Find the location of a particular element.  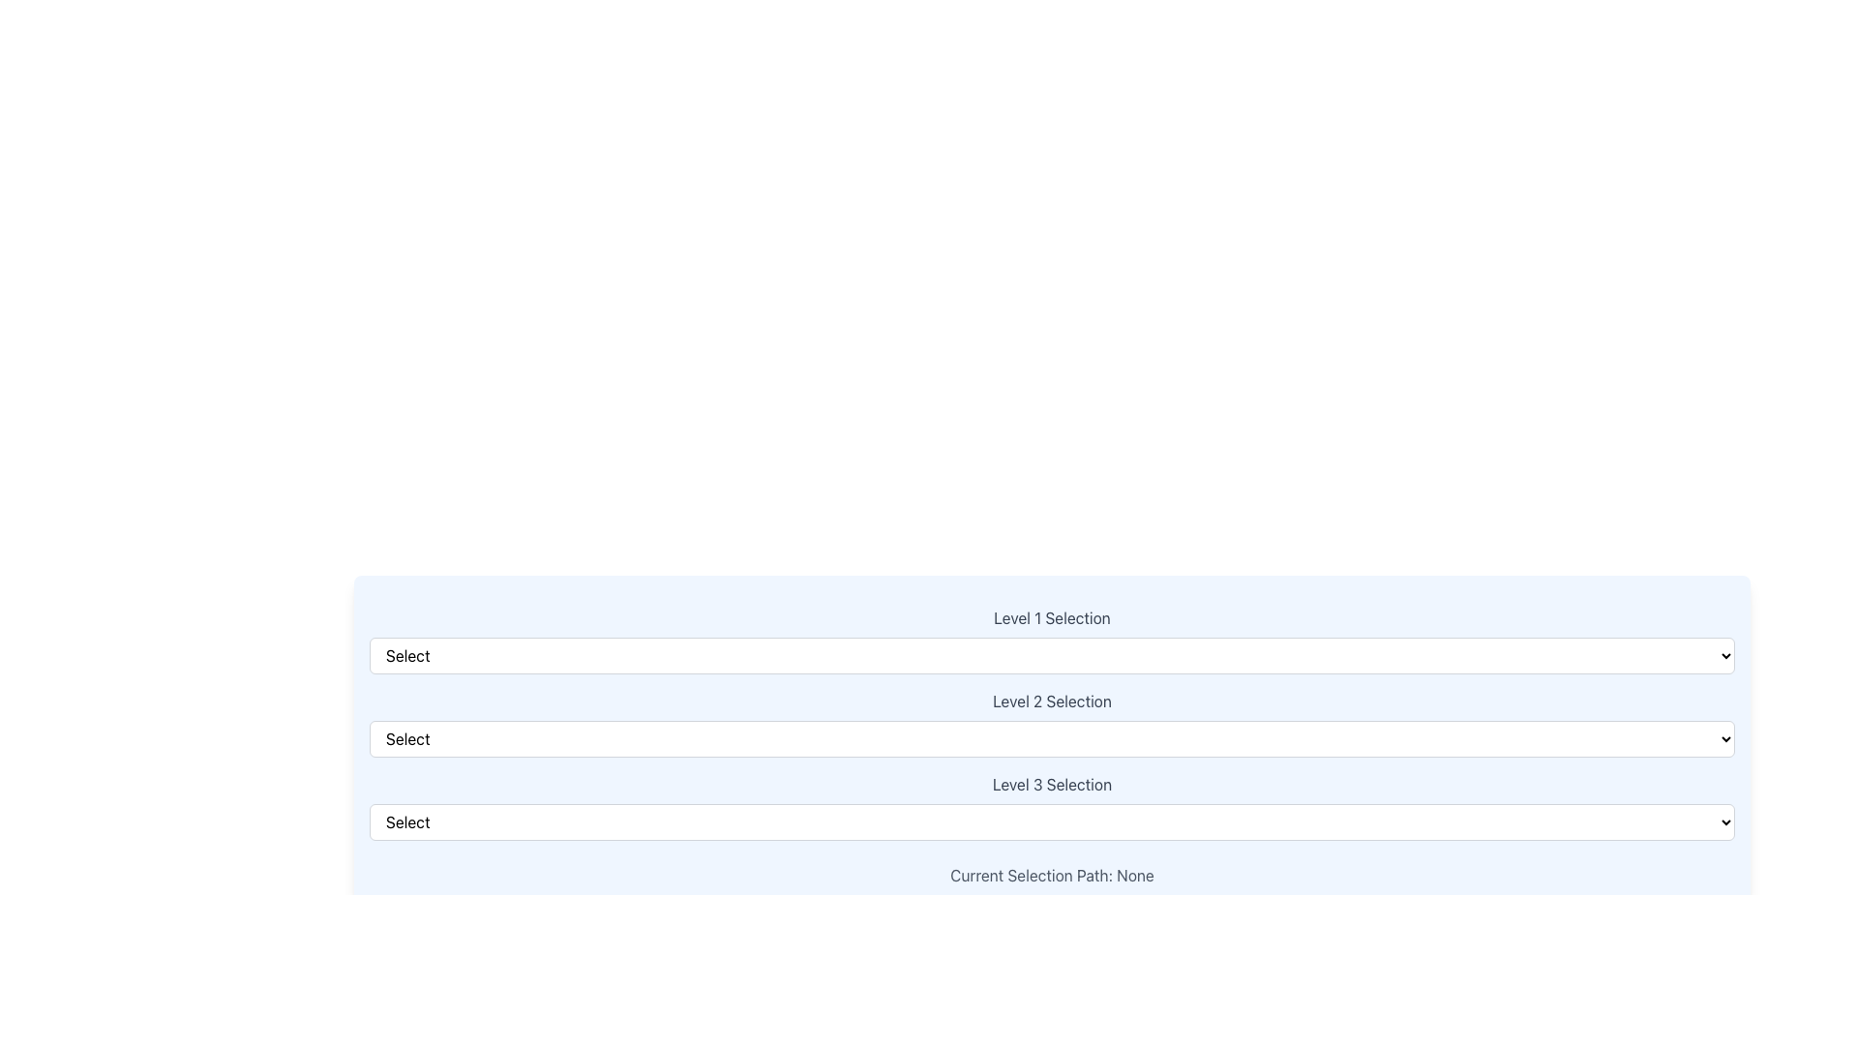

the Plain text label displaying 'Level 3 Selection', which is centered above the 'Select' dropdown input is located at coordinates (1051, 784).